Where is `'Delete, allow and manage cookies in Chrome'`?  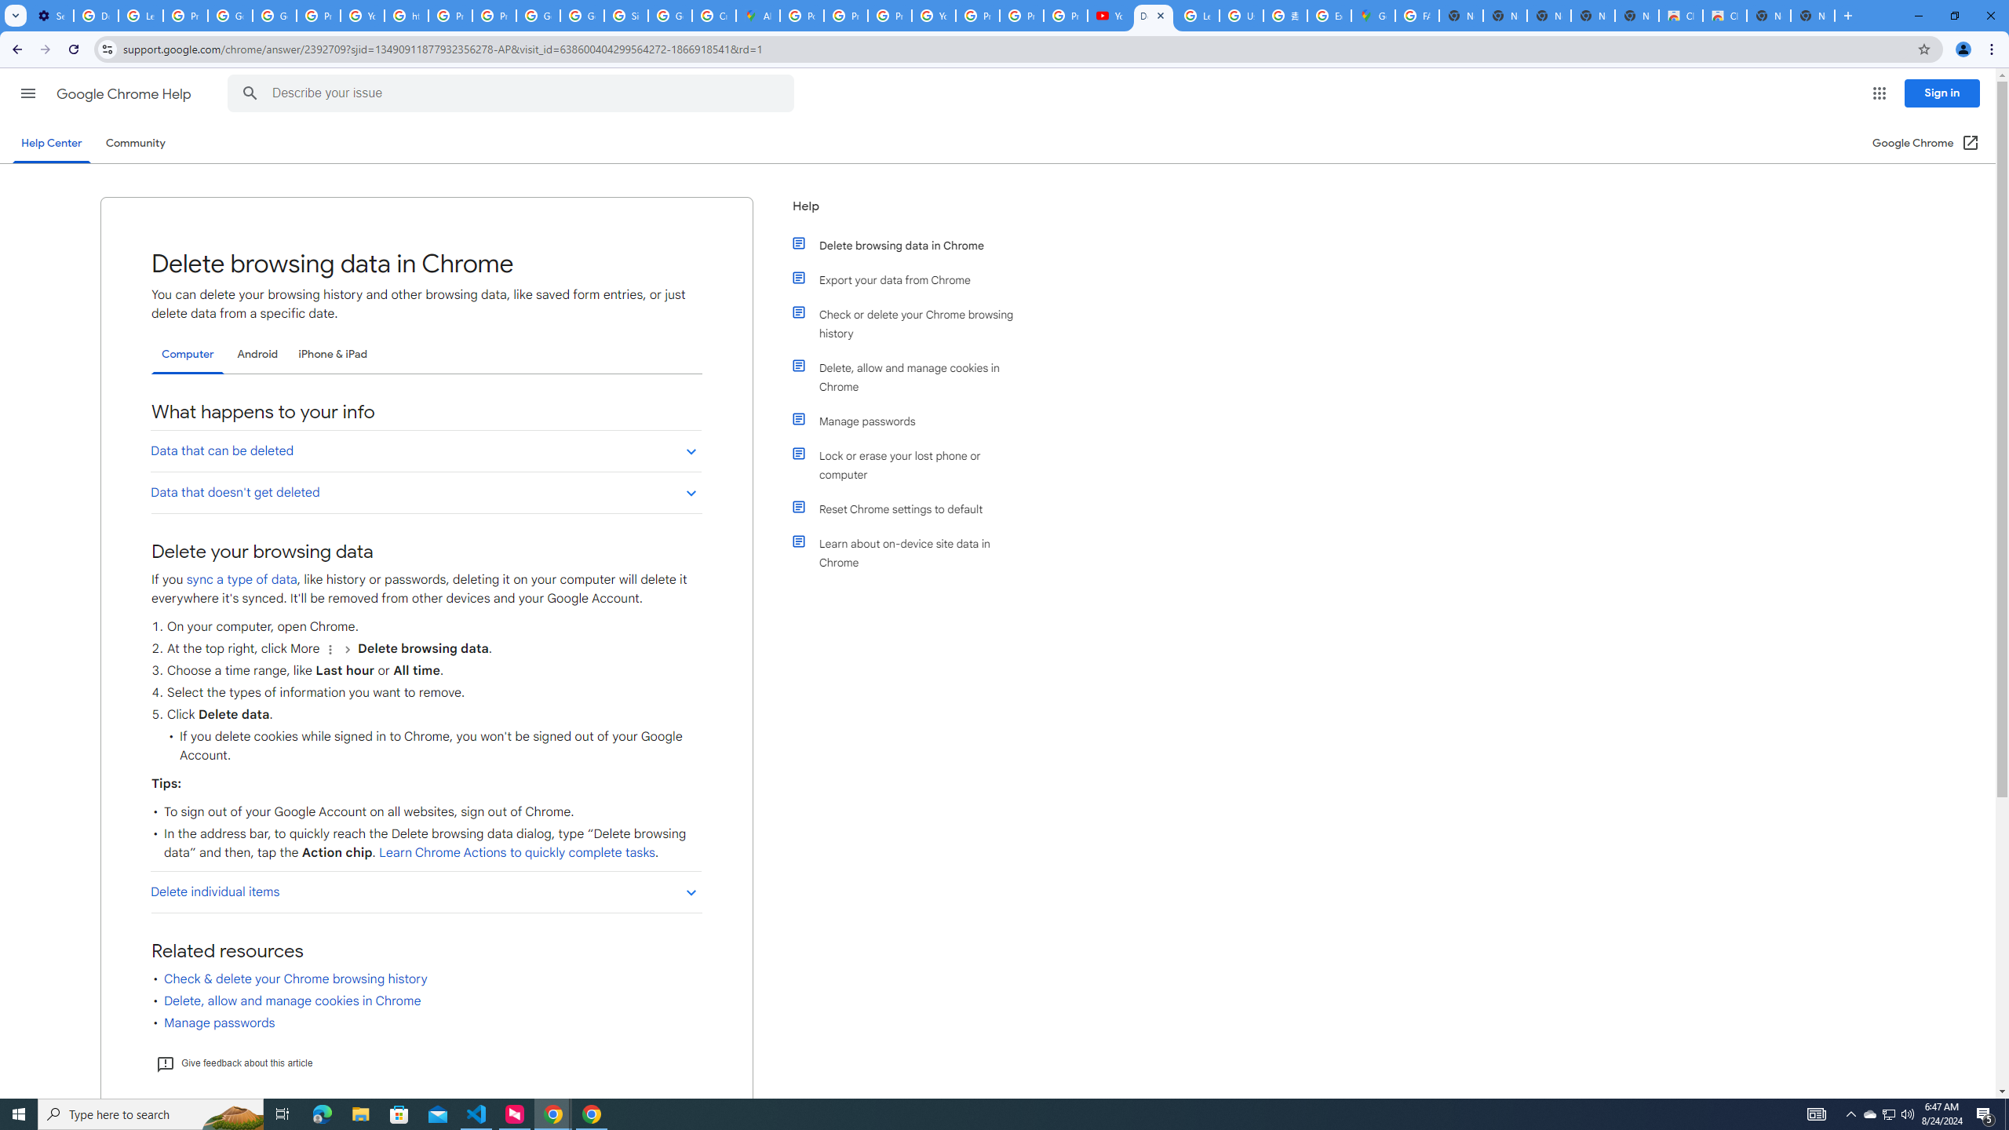
'Delete, allow and manage cookies in Chrome' is located at coordinates (912, 376).